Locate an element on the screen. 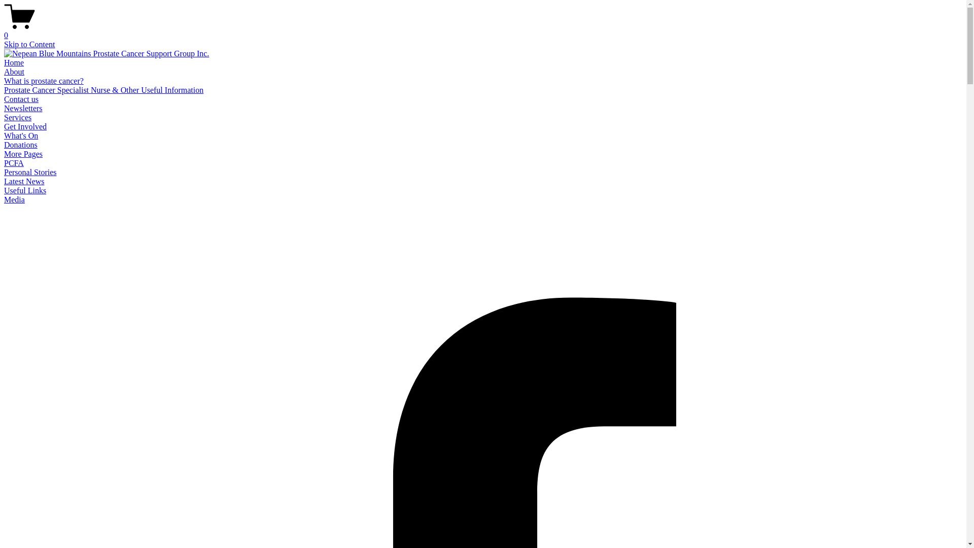  'Get Involved' is located at coordinates (25, 126).